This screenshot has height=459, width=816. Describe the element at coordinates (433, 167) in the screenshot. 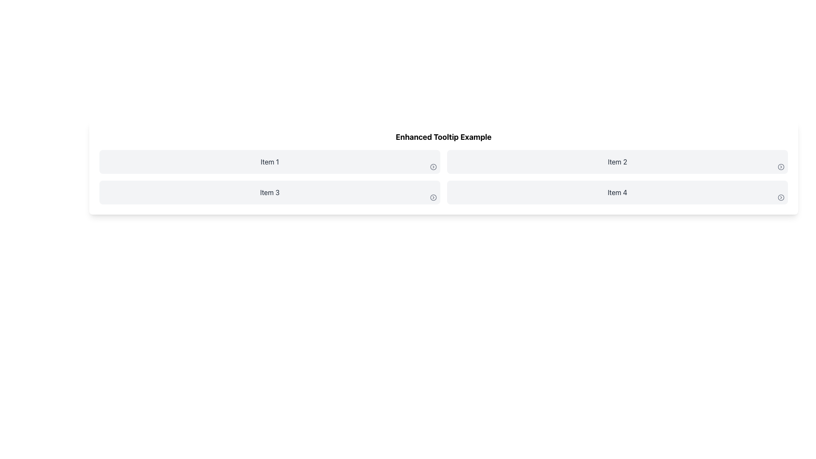

I see `the area surrounding the Circle graphic associated with 'Item 1' in the top-right corner of its label` at that location.